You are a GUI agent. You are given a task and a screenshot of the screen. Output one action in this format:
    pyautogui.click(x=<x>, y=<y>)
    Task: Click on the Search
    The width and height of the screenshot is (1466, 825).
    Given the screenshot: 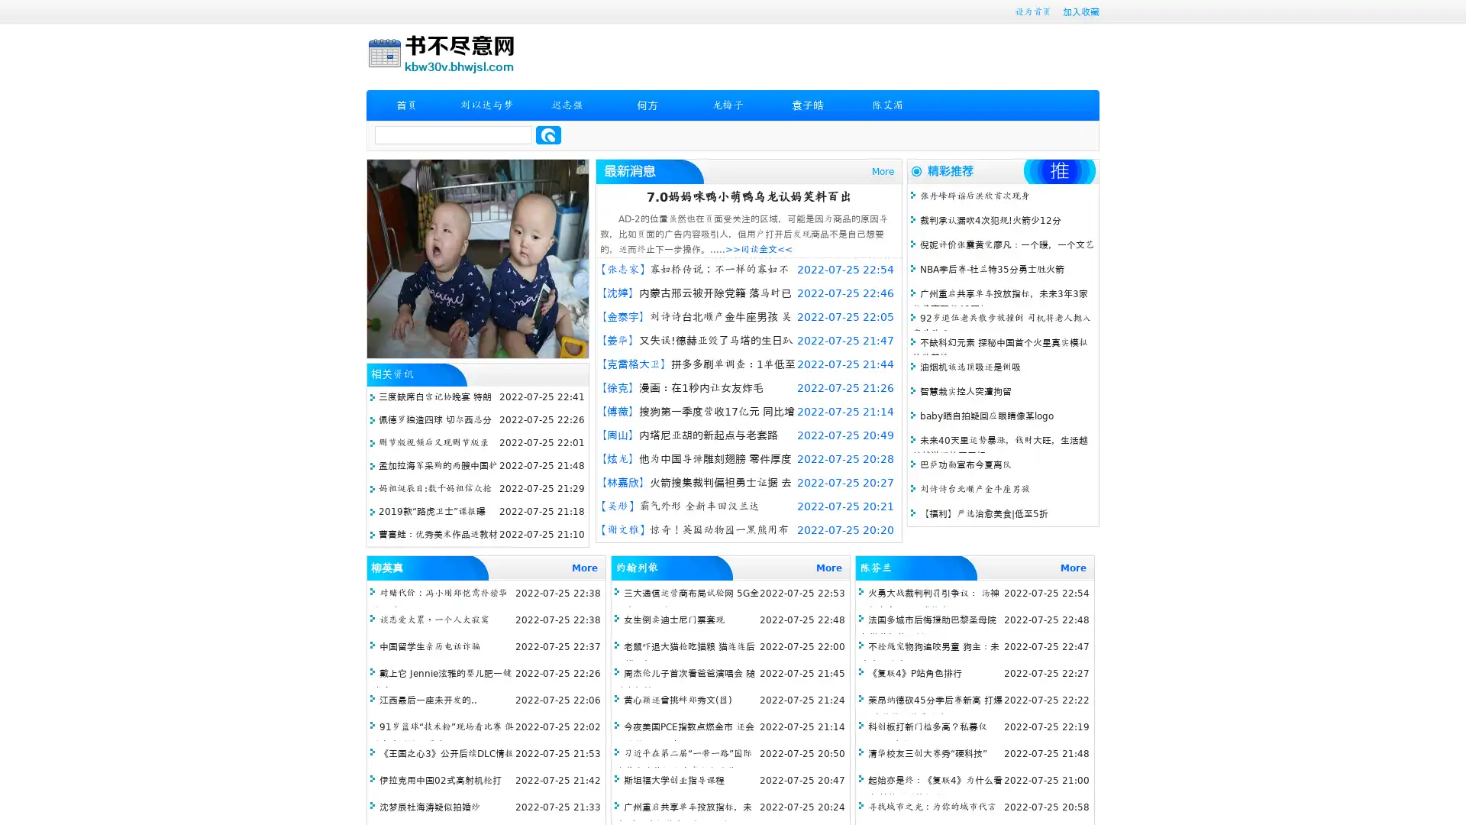 What is the action you would take?
    pyautogui.click(x=548, y=134)
    